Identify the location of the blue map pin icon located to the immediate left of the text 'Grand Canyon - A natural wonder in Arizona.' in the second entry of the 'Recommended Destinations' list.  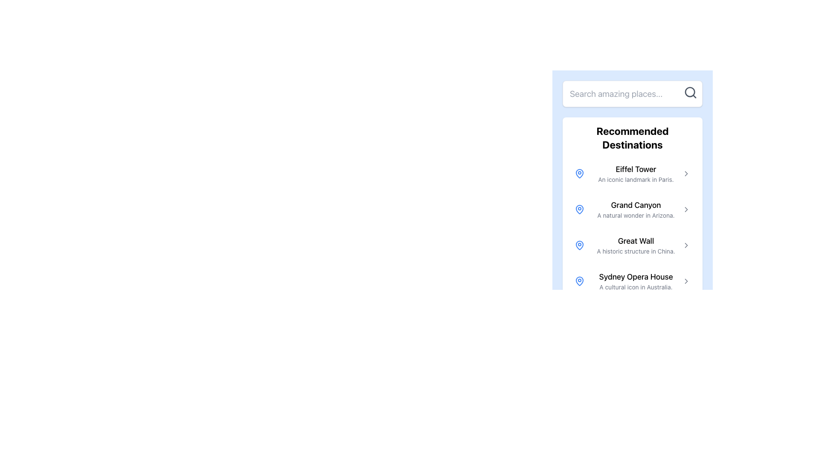
(579, 209).